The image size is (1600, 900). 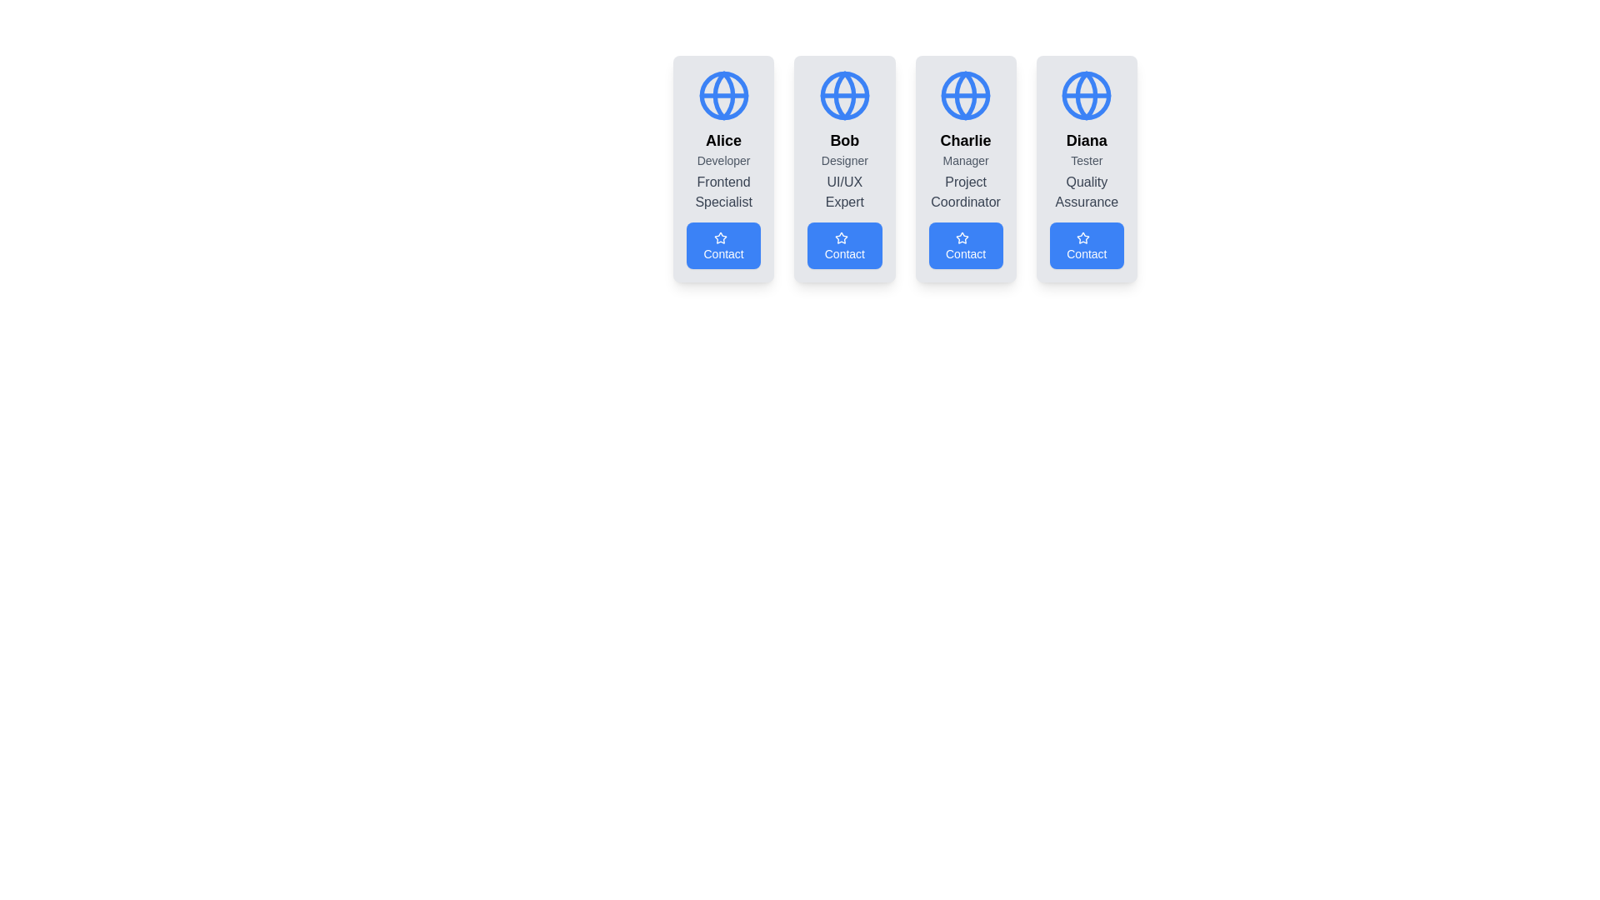 What do you see at coordinates (966, 96) in the screenshot?
I see `the circular graphic element with a blue border located within the globe icon on Charlie's card, which is the third card from the left in a row of four` at bounding box center [966, 96].